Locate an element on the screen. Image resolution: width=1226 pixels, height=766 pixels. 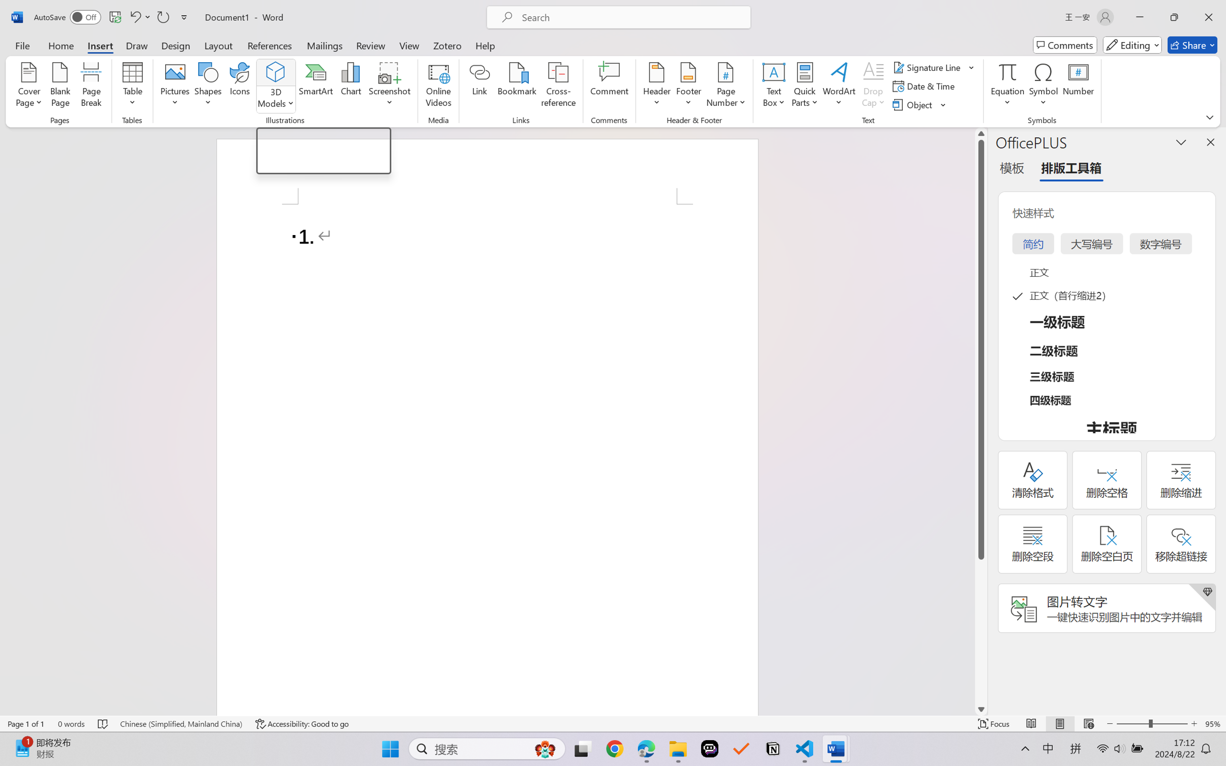
'Cross-reference...' is located at coordinates (558, 86).